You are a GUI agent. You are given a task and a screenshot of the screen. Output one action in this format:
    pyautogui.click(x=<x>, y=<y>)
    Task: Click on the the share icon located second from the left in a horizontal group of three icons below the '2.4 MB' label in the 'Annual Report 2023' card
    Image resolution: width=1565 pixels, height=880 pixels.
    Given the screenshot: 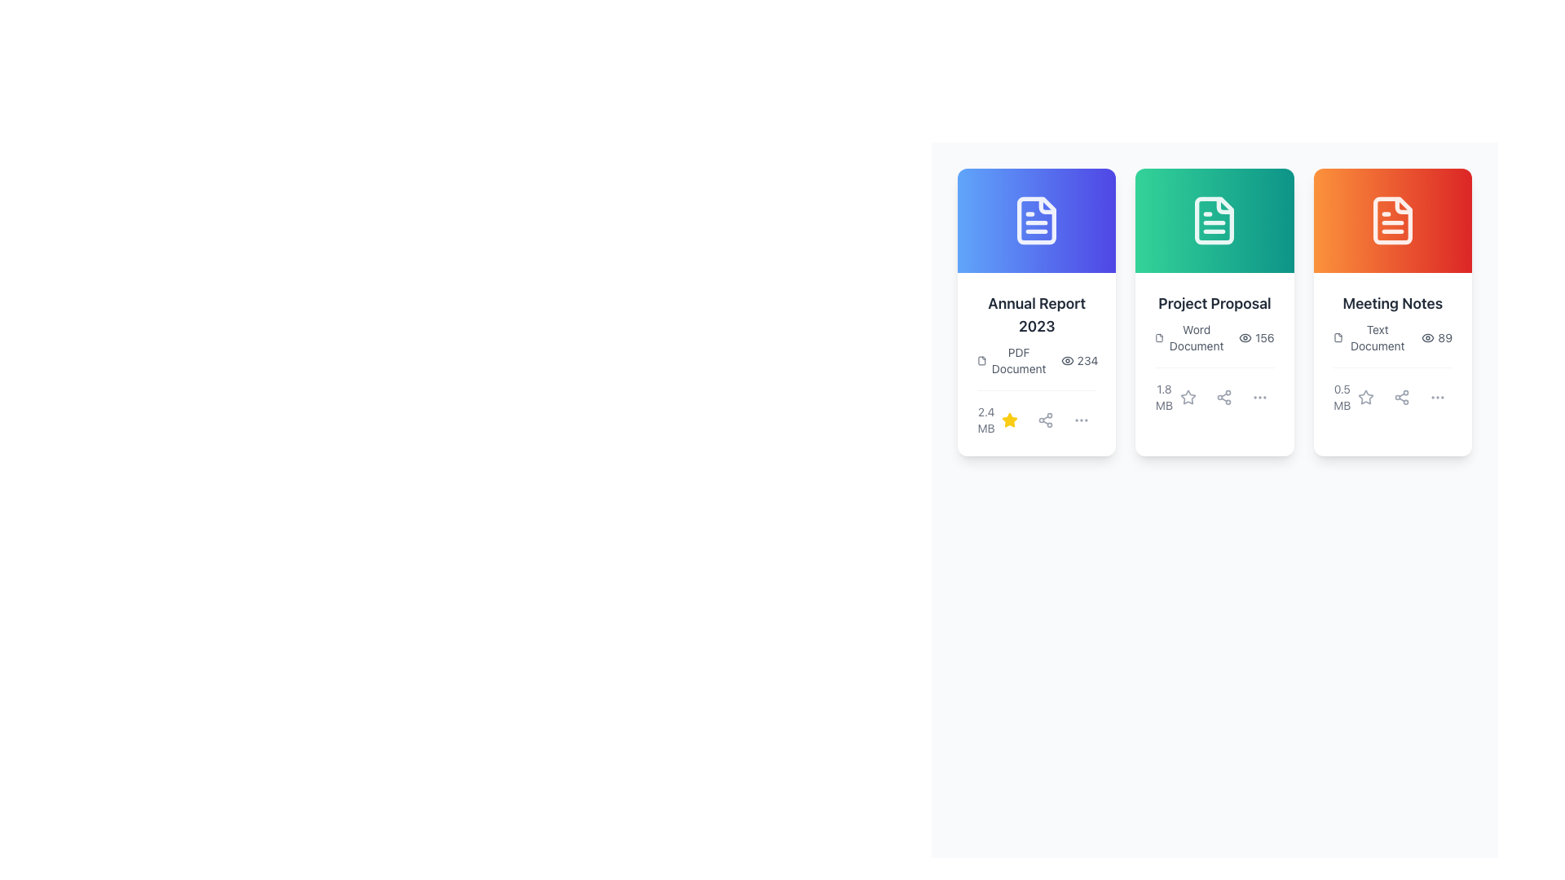 What is the action you would take?
    pyautogui.click(x=1046, y=420)
    